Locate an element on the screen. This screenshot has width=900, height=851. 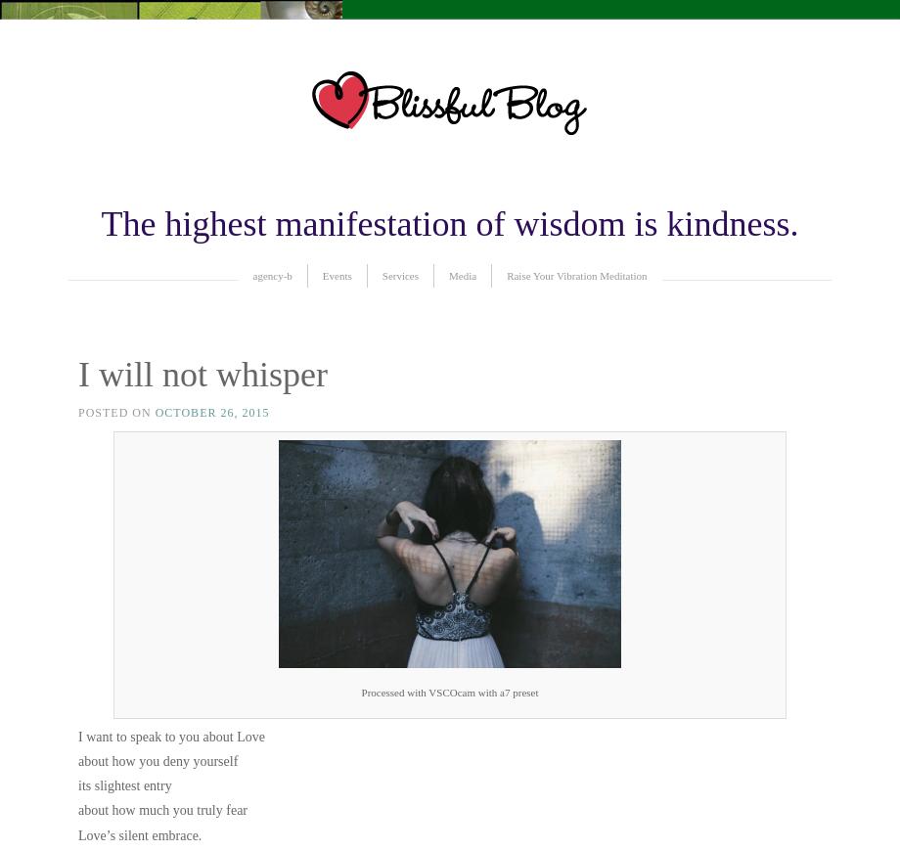
'Posted on' is located at coordinates (78, 413).